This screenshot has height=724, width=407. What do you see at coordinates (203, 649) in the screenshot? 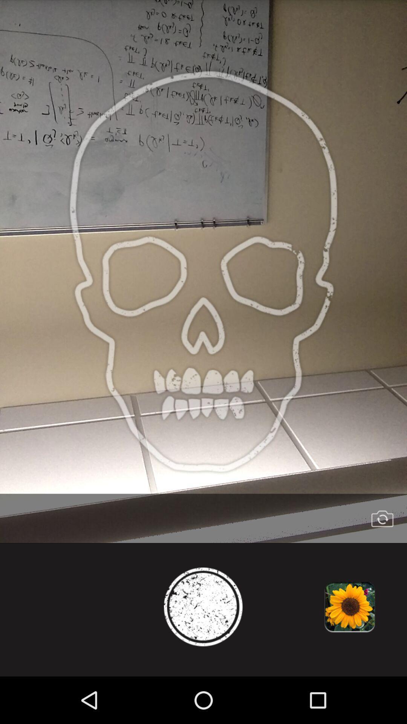
I see `the avatar icon` at bounding box center [203, 649].